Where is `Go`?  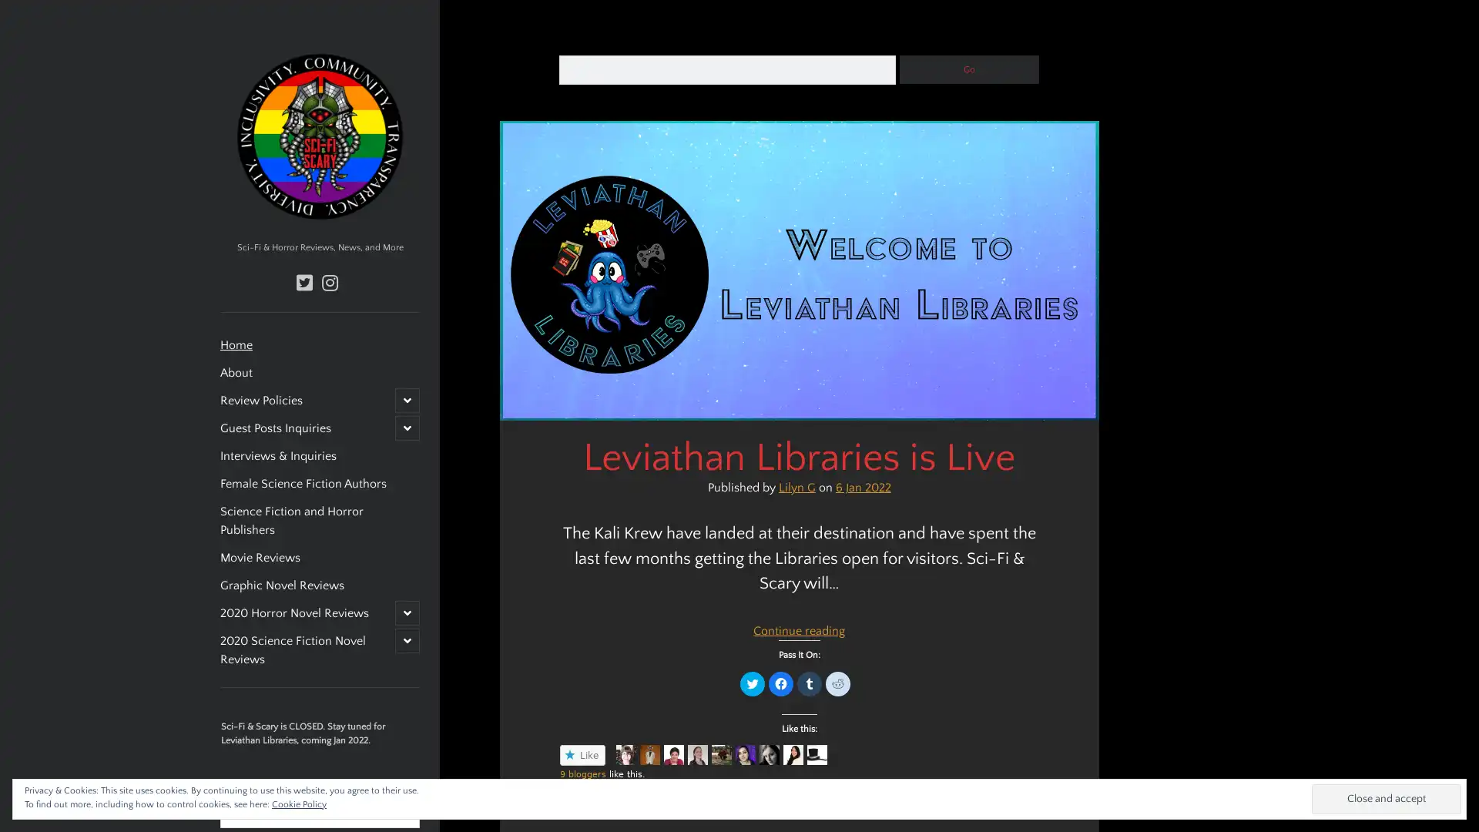
Go is located at coordinates (968, 69).